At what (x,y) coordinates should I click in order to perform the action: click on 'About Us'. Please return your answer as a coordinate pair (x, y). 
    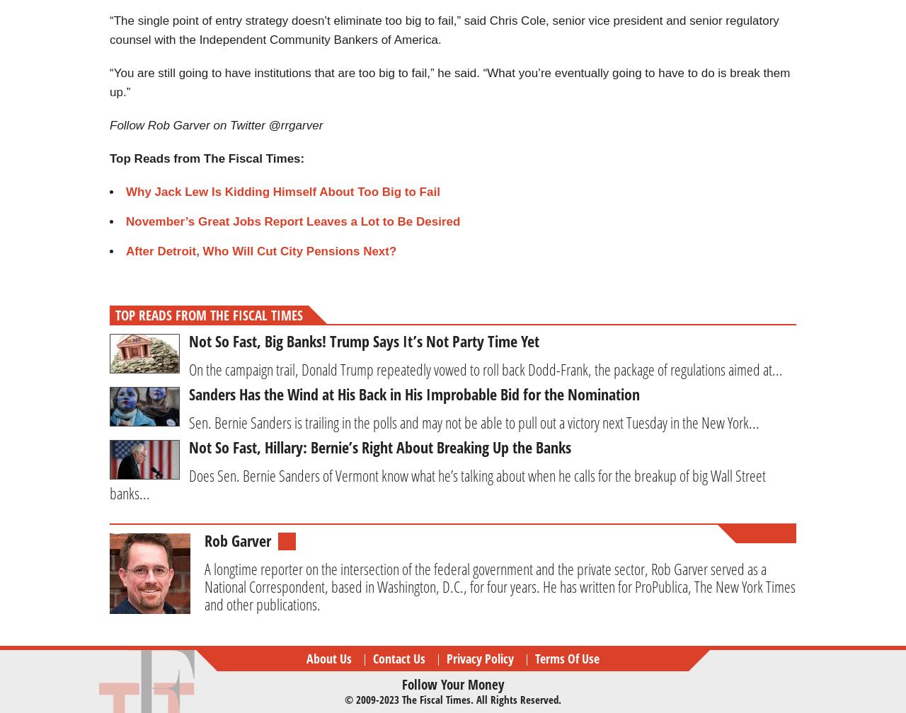
    Looking at the image, I should click on (328, 657).